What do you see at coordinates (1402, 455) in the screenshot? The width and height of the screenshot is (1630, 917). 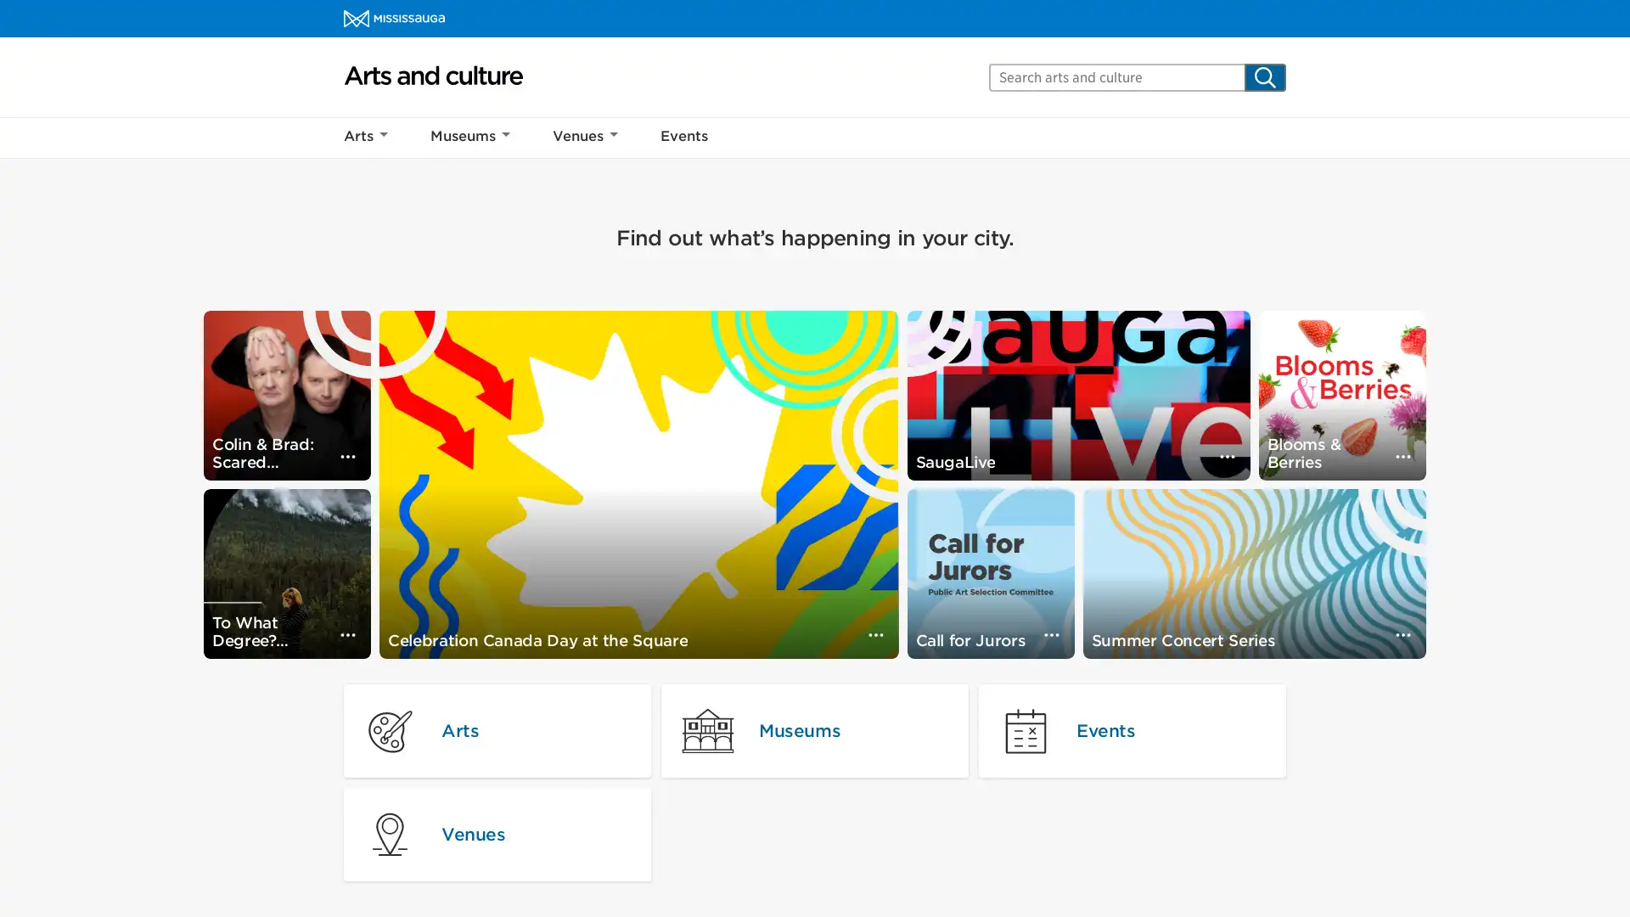 I see `Visually show the card details` at bounding box center [1402, 455].